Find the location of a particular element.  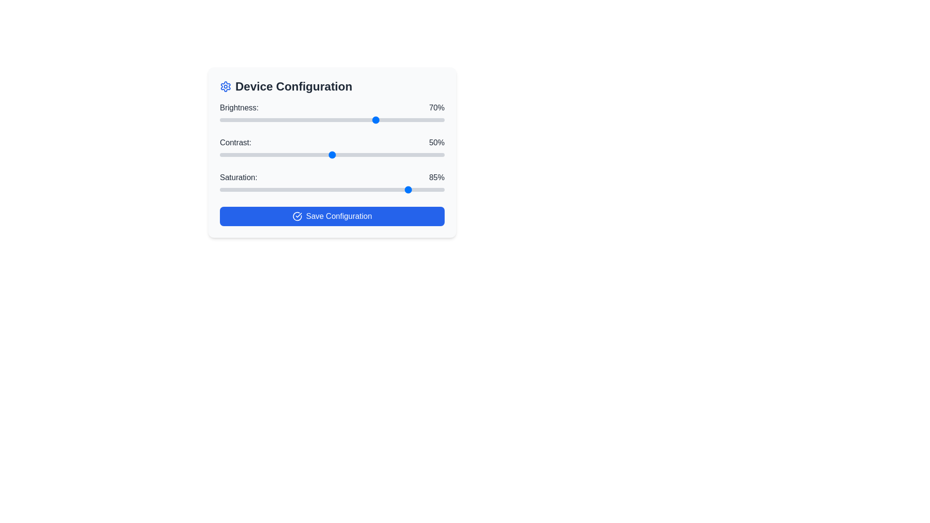

the horizontal slider to set the brightness at the specified point, which is marked with a circular handle at approximately 70% width, located beneath the 'Brightness:' label is located at coordinates (332, 119).